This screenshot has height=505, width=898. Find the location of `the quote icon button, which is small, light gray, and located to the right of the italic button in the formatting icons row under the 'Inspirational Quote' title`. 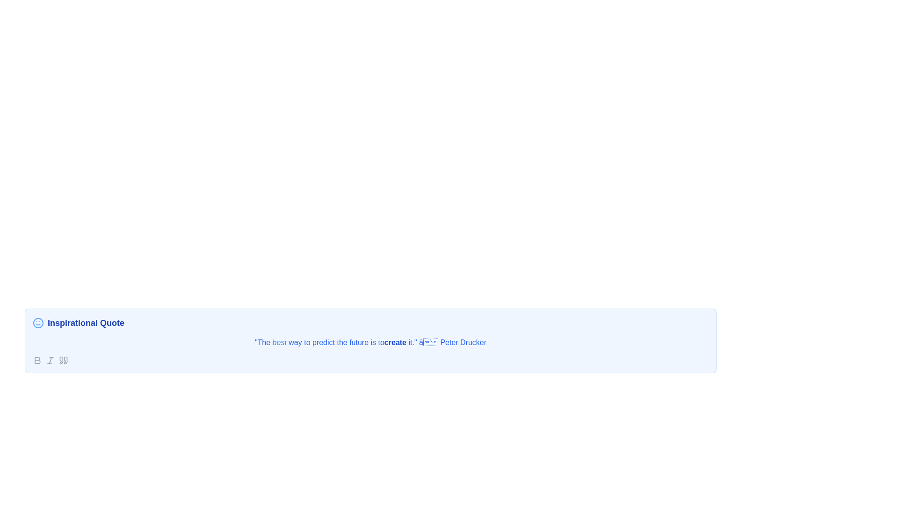

the quote icon button, which is small, light gray, and located to the right of the italic button in the formatting icons row under the 'Inspirational Quote' title is located at coordinates (63, 360).